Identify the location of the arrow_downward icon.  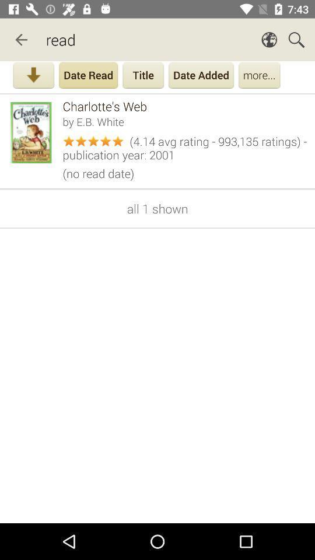
(33, 76).